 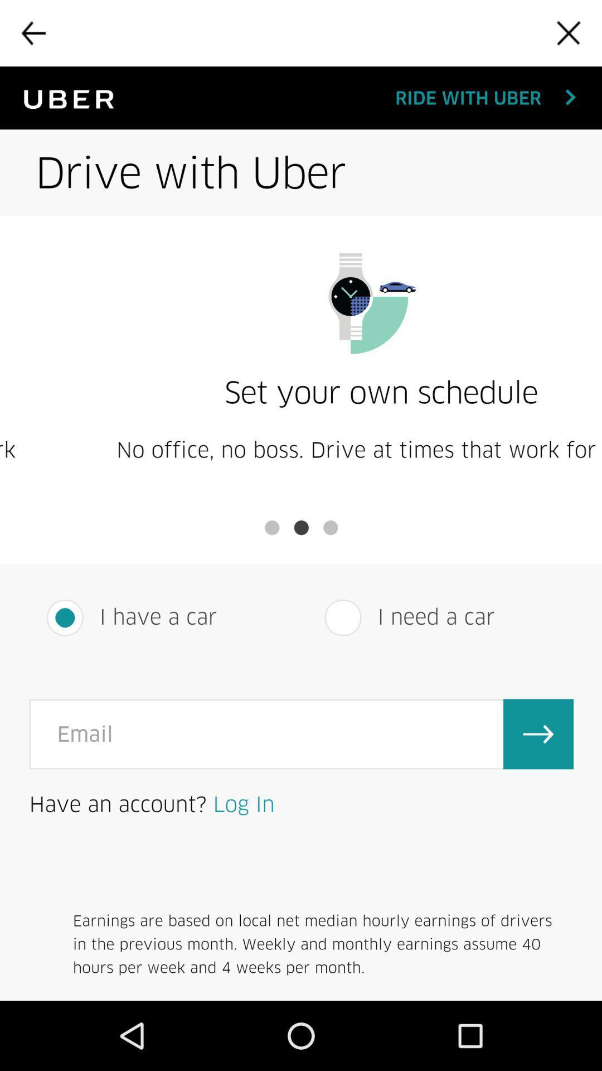 I want to click on cancel option, so click(x=569, y=33).